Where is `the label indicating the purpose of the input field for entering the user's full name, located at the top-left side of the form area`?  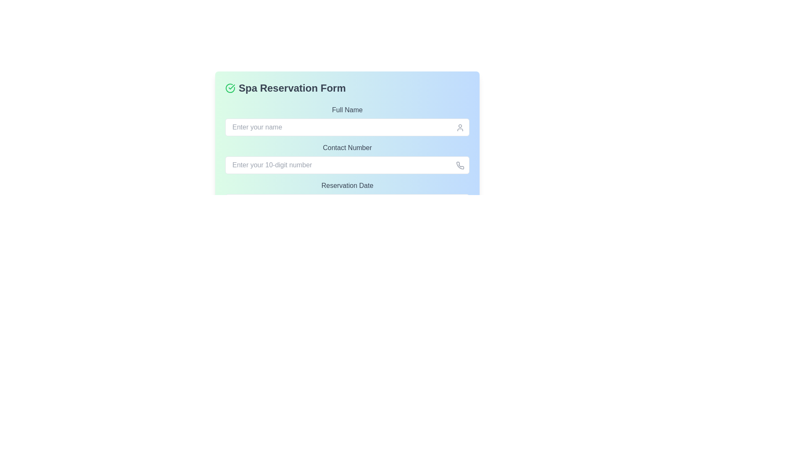
the label indicating the purpose of the input field for entering the user's full name, located at the top-left side of the form area is located at coordinates (347, 110).